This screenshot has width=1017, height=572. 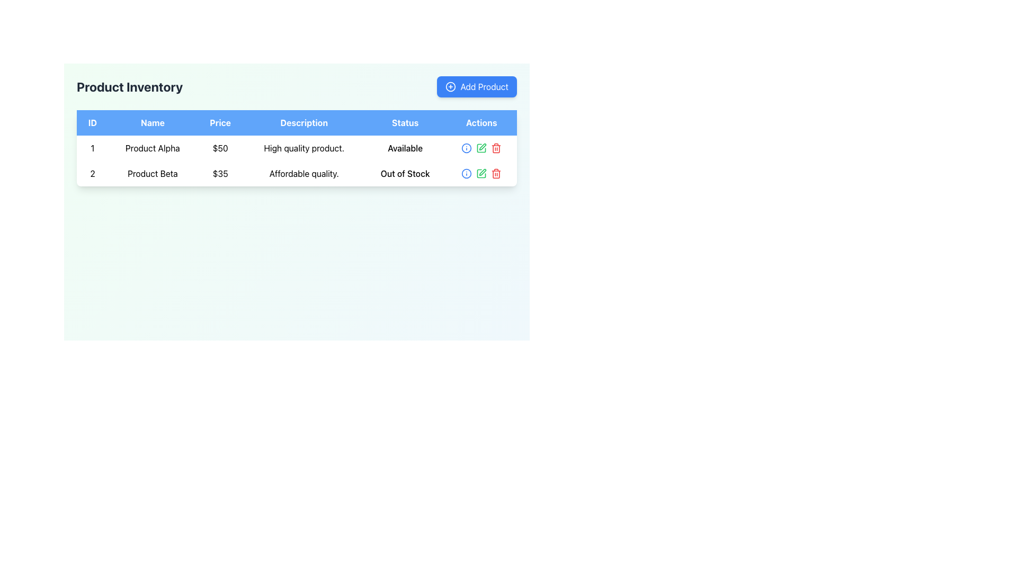 What do you see at coordinates (92, 173) in the screenshot?
I see `the text component displaying the number '2', which is located in the first column of the second row under the 'Product Inventory' heading` at bounding box center [92, 173].